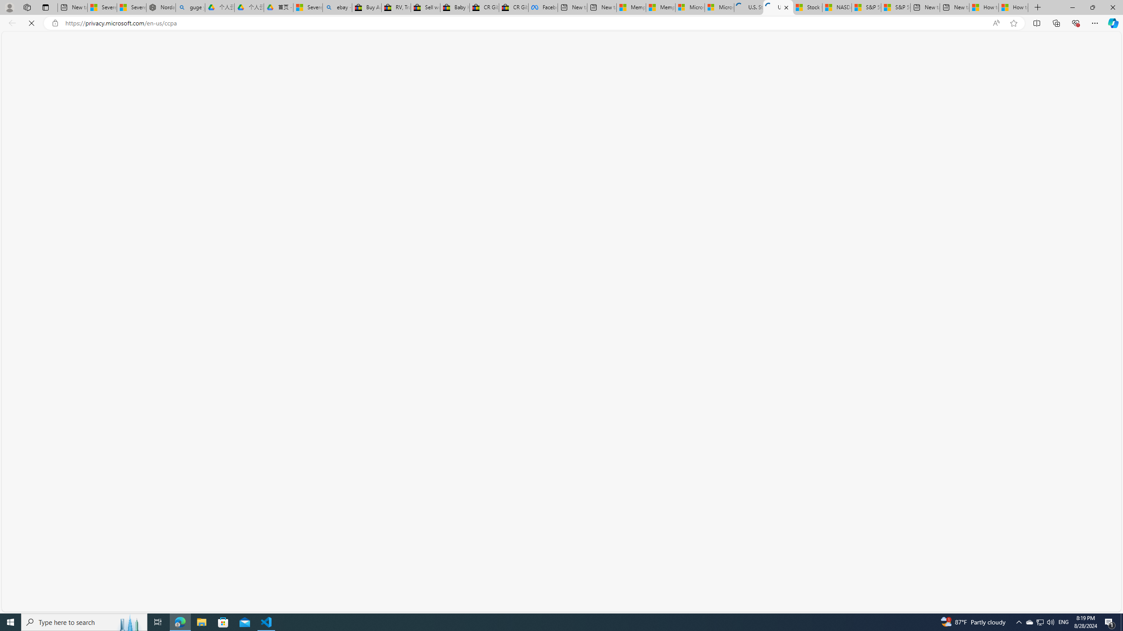 This screenshot has width=1123, height=631. What do you see at coordinates (895, 7) in the screenshot?
I see `'S&P 500, Nasdaq end lower, weighed by Nvidia dip | Watch'` at bounding box center [895, 7].